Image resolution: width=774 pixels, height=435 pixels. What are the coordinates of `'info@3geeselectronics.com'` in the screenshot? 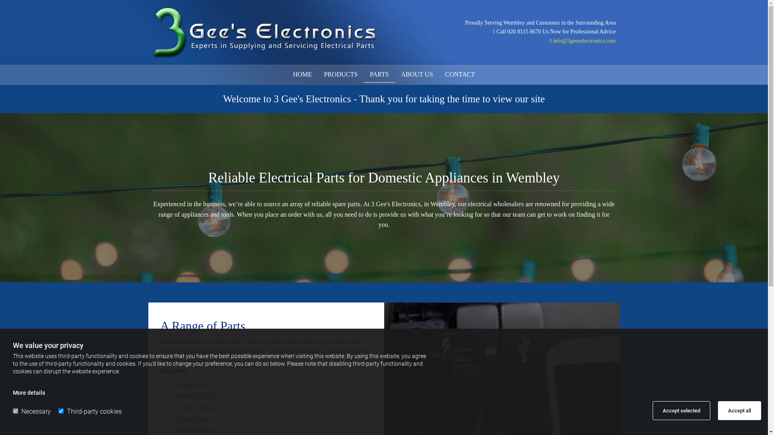 It's located at (584, 41).